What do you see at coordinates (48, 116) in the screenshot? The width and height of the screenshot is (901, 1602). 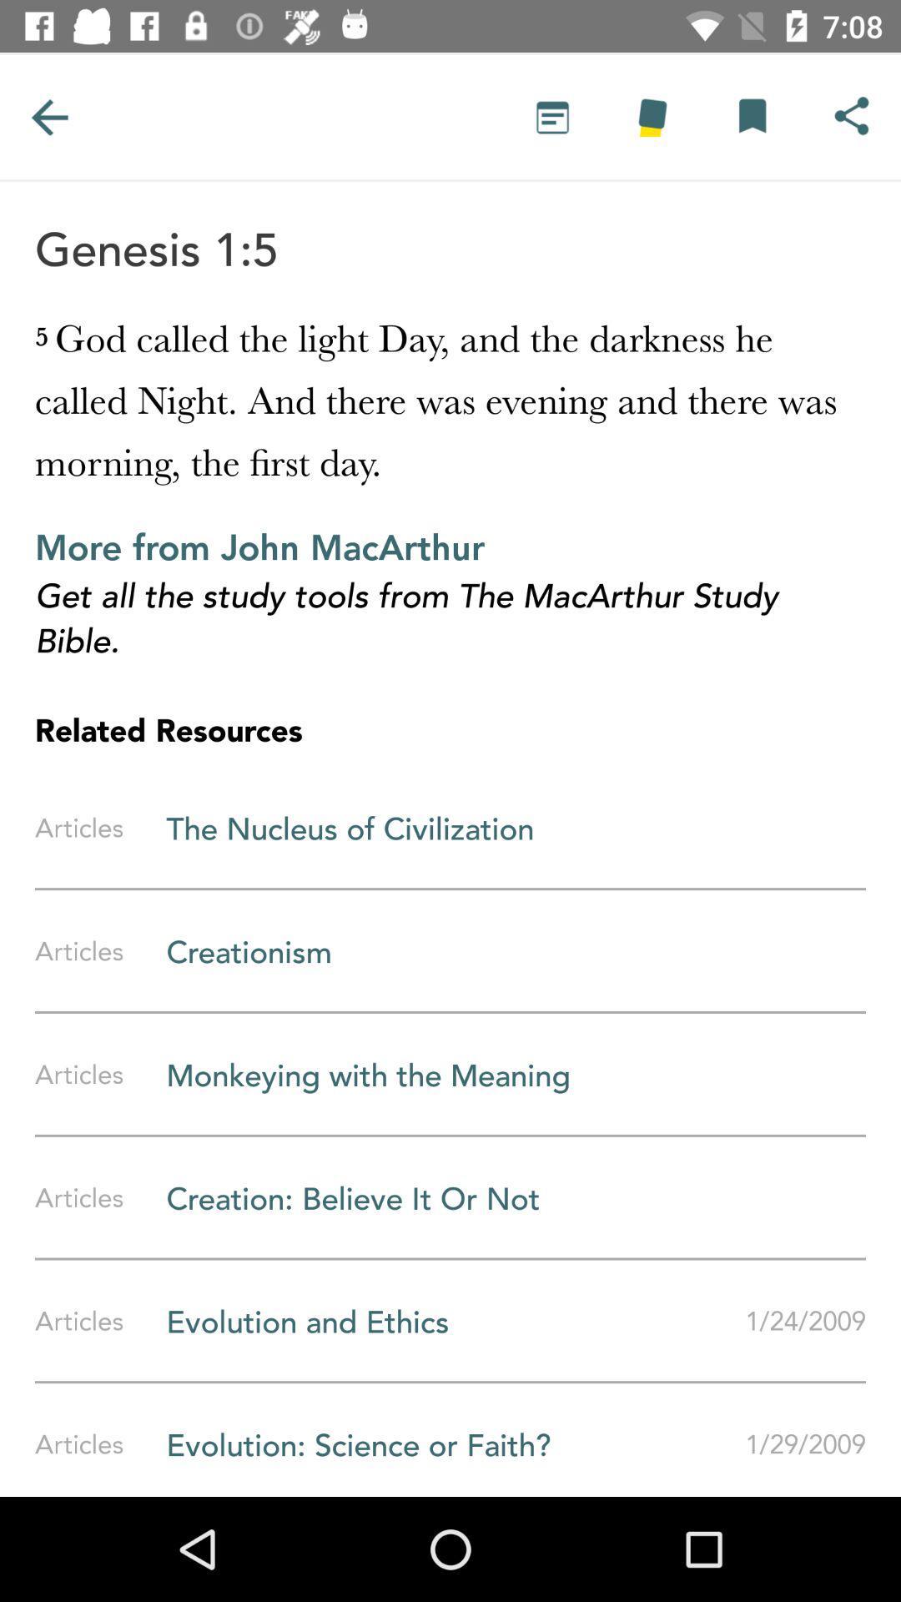 I see `go back` at bounding box center [48, 116].